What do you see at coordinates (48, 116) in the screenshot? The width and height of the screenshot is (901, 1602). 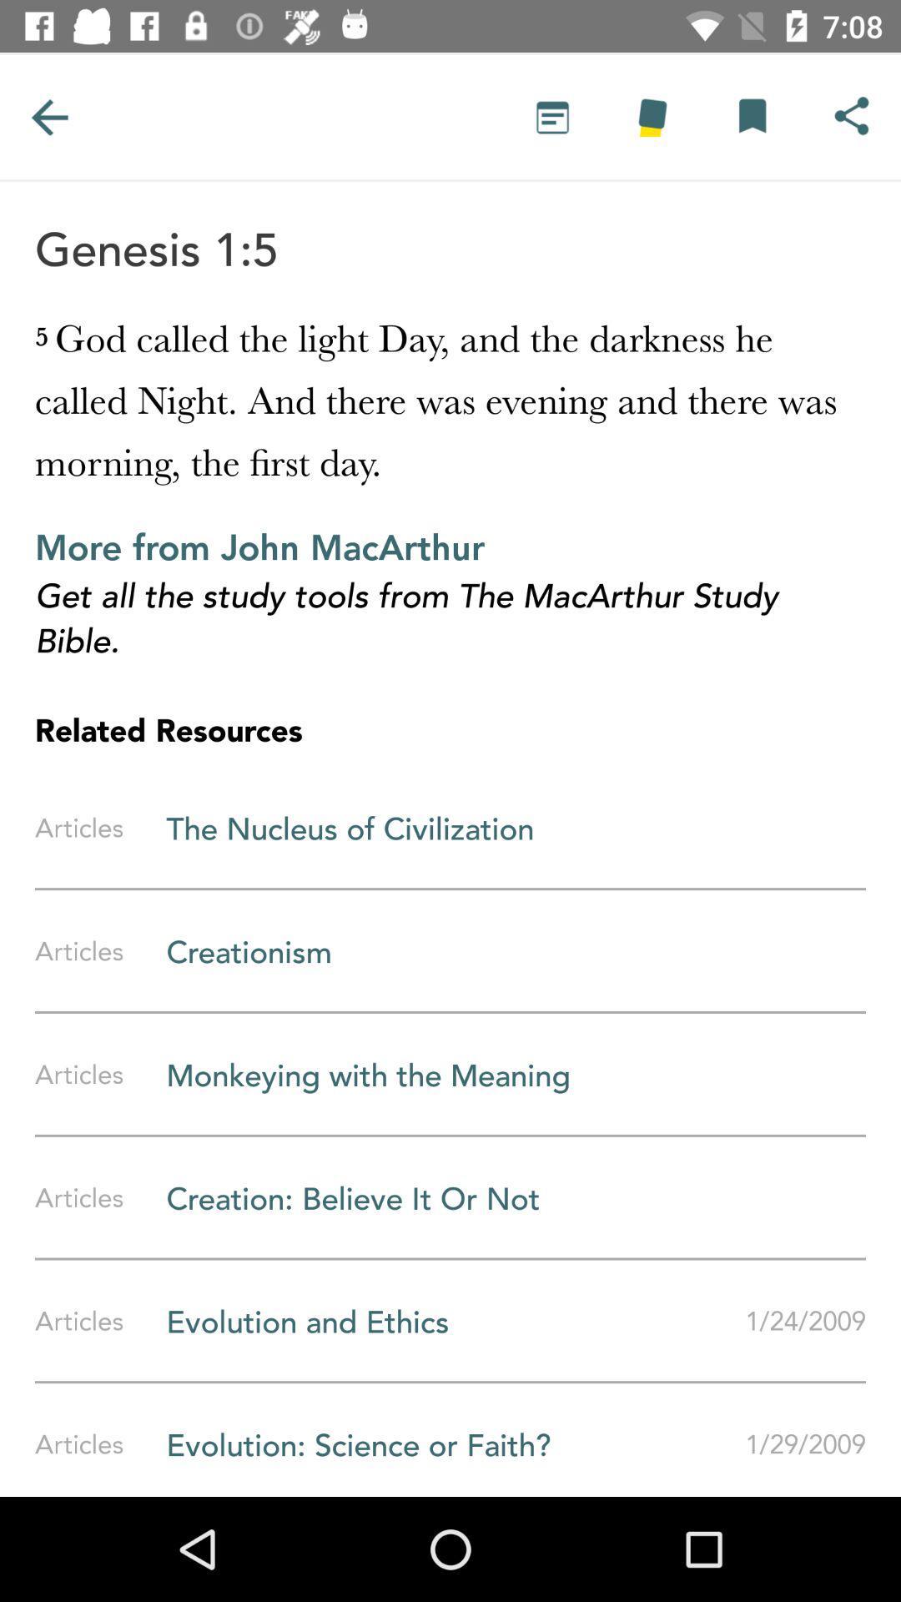 I see `go back` at bounding box center [48, 116].